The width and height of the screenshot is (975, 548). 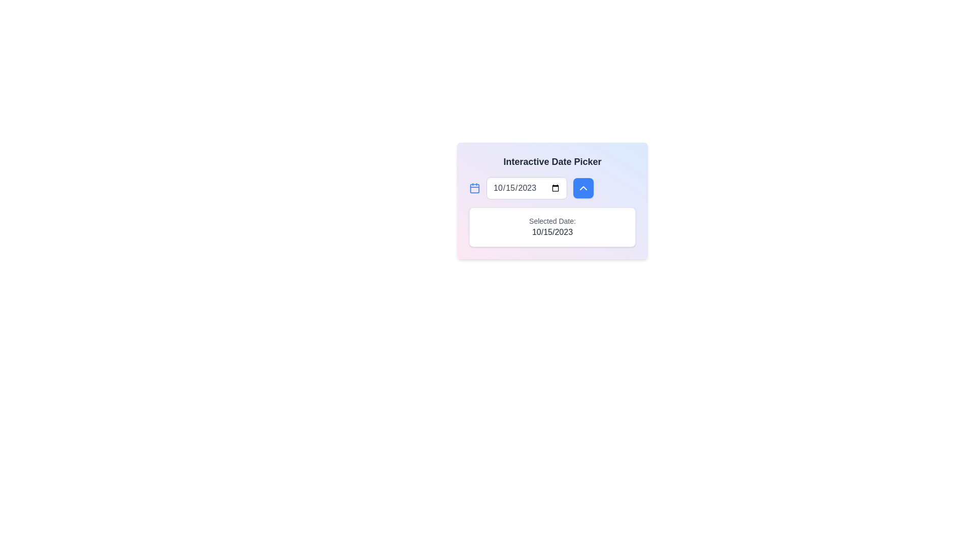 I want to click on the blue calendar icon in the date picker interface, which is the leftmost component in a horizontal layout before the date input field, so click(x=474, y=188).